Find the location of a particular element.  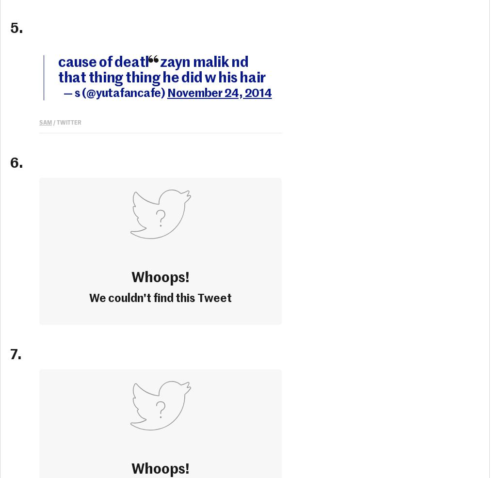

'November 24, 2014' is located at coordinates (219, 92).